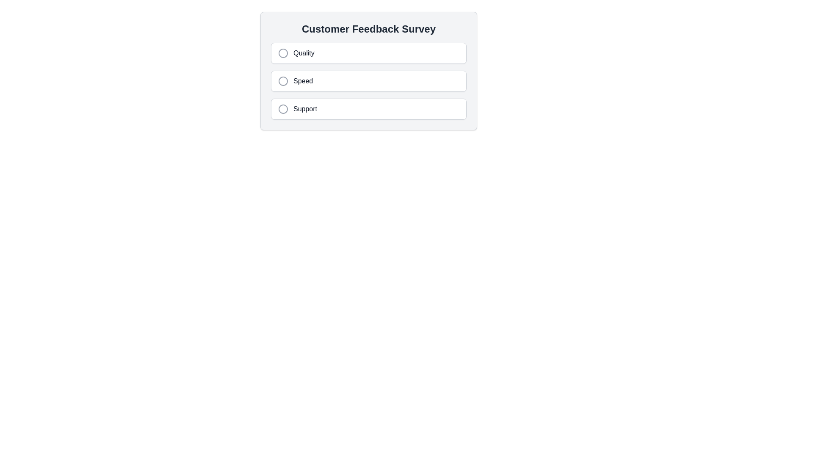 The width and height of the screenshot is (813, 457). Describe the element at coordinates (304, 53) in the screenshot. I see `the 'Quality' text label in the survey form, which is positioned to the right of the corresponding radio button in the first row of options` at that location.